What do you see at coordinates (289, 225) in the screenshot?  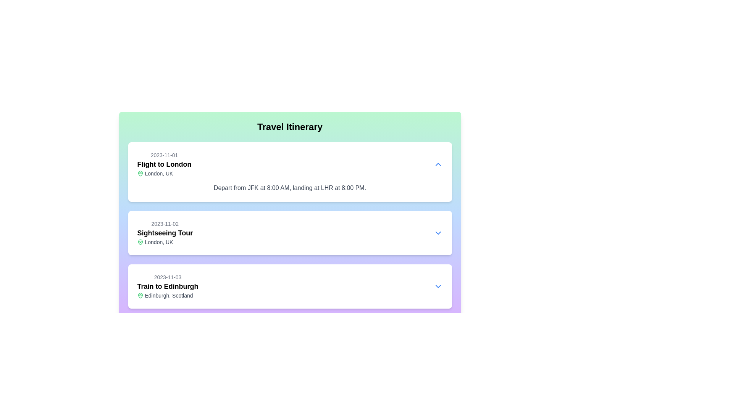 I see `the second list item within the itinerary display, which contains date, event description, and location details` at bounding box center [289, 225].